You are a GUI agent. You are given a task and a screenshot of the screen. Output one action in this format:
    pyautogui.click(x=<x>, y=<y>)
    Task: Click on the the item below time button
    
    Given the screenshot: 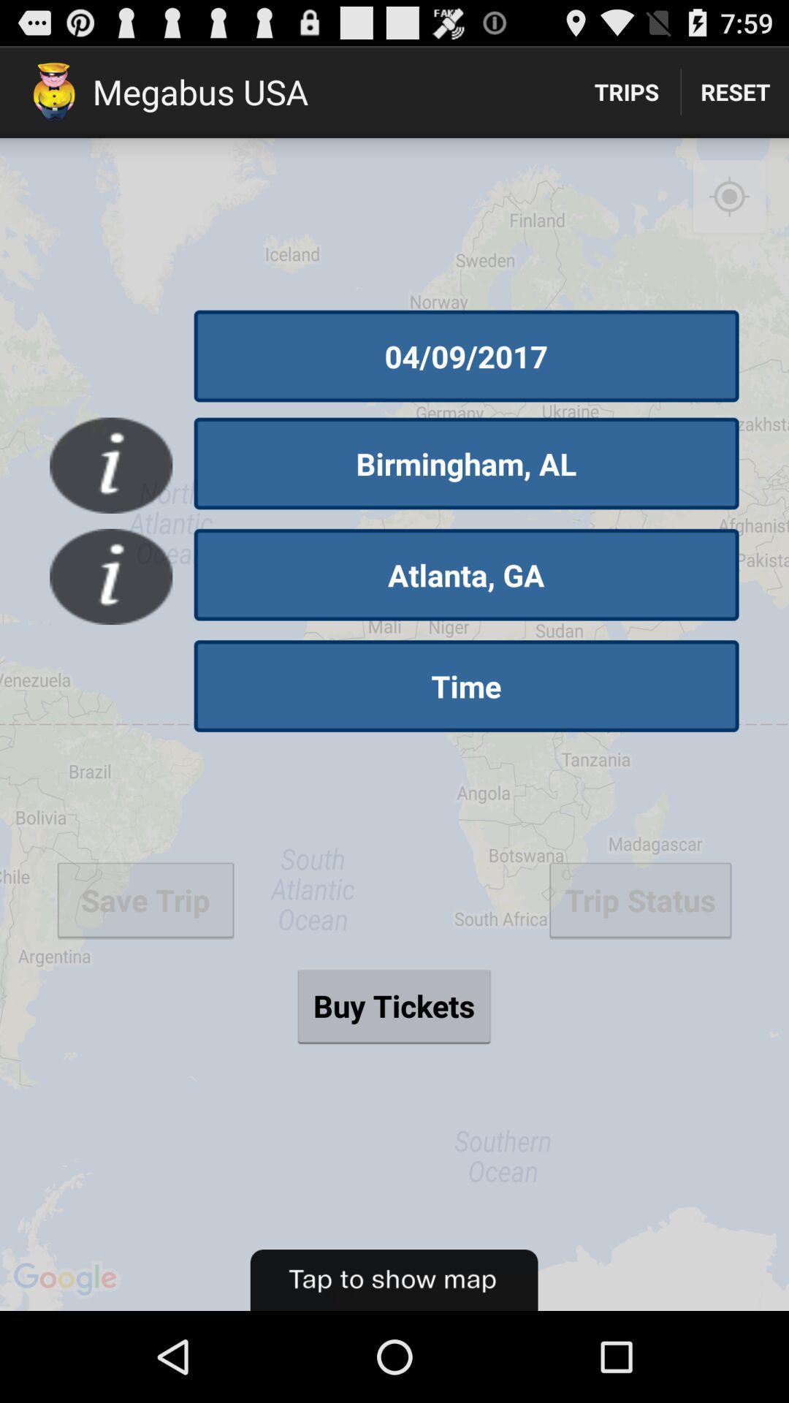 What is the action you would take?
    pyautogui.click(x=393, y=1005)
    